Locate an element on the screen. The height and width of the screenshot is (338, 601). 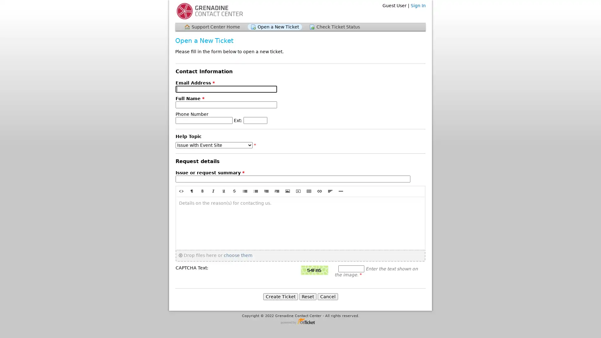
Insert Image is located at coordinates (287, 191).